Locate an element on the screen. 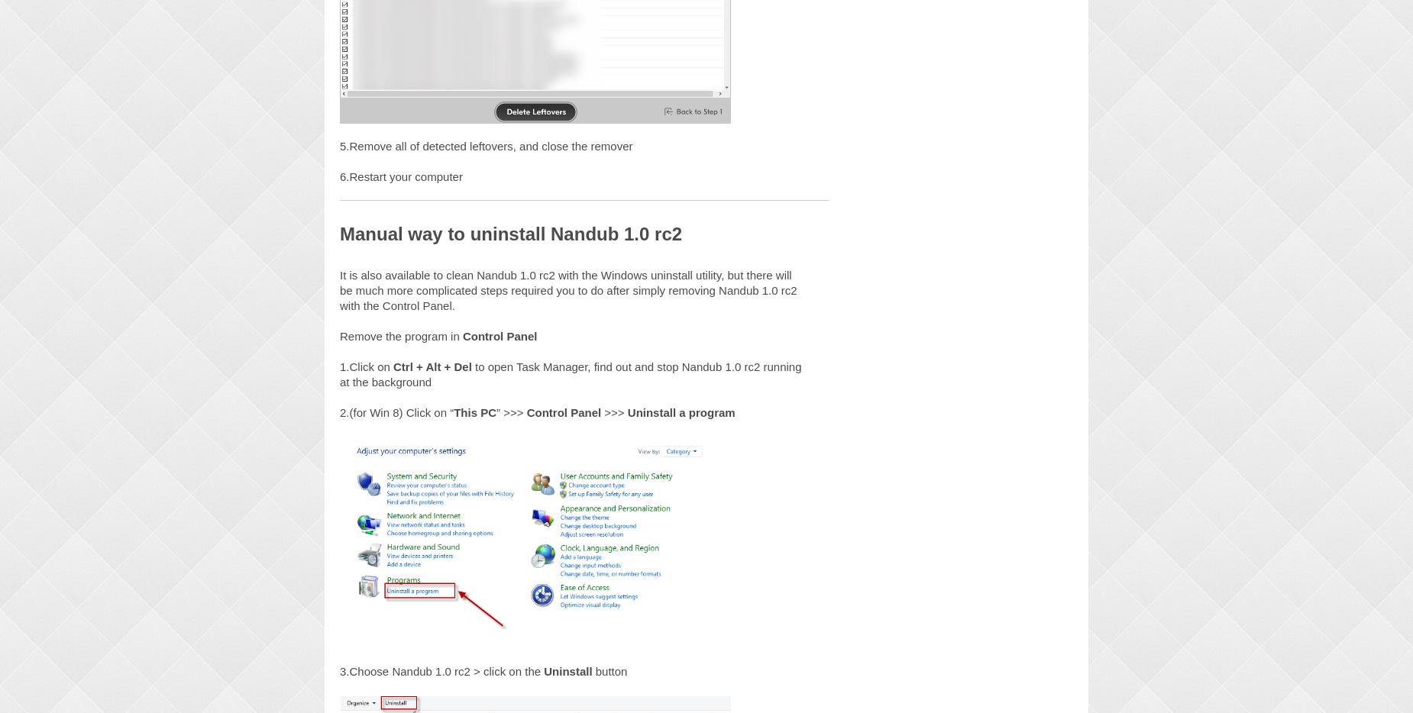 The image size is (1413, 713). 'Uninstall' is located at coordinates (567, 669).